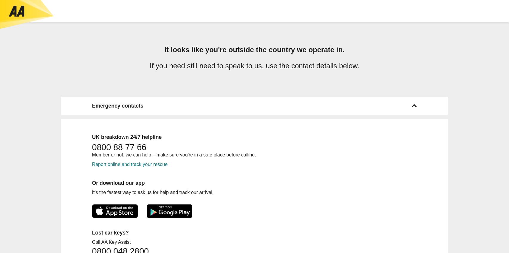 This screenshot has height=253, width=509. What do you see at coordinates (254, 65) in the screenshot?
I see `'If you need still need to speak to us, use the contact details below.'` at bounding box center [254, 65].